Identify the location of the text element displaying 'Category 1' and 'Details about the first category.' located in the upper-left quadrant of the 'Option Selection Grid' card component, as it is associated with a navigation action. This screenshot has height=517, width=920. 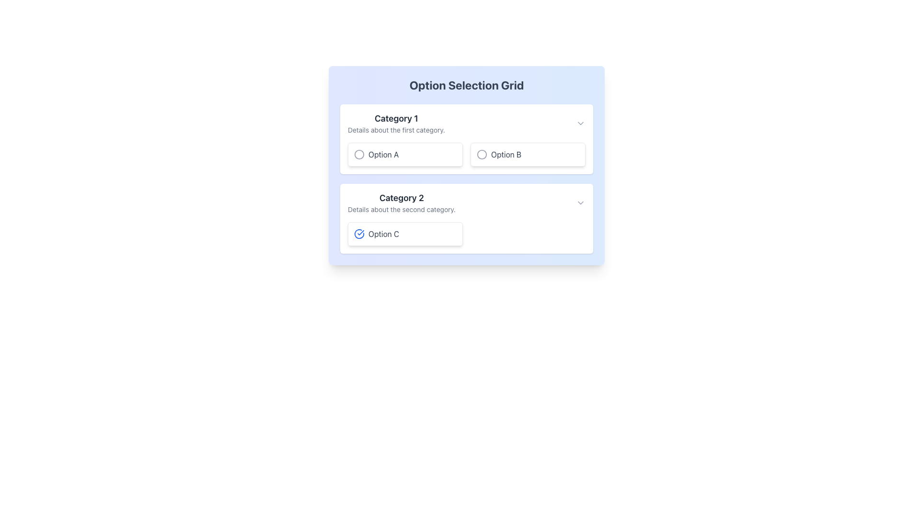
(396, 123).